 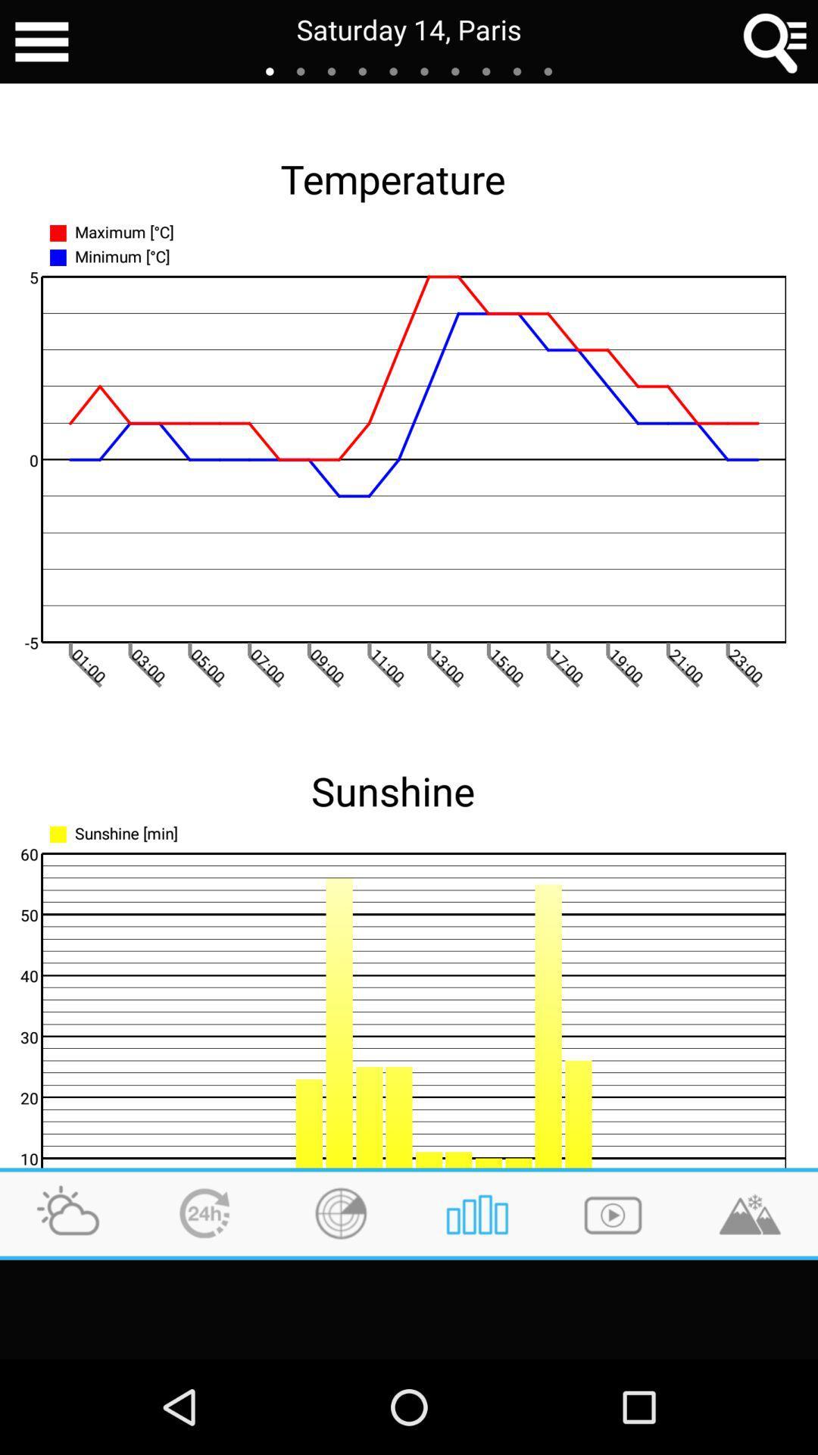 I want to click on open drop down menu, so click(x=41, y=42).